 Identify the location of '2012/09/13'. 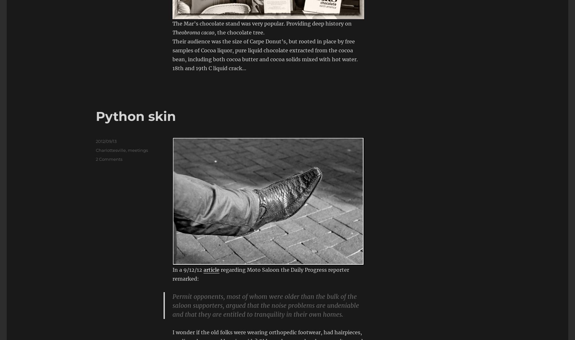
(106, 141).